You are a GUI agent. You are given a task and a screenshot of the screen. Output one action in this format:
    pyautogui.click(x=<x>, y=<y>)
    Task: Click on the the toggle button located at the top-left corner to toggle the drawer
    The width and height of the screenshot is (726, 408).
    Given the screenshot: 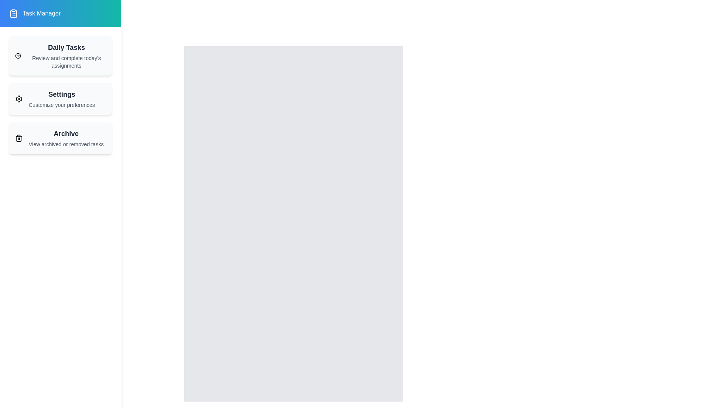 What is the action you would take?
    pyautogui.click(x=22, y=24)
    